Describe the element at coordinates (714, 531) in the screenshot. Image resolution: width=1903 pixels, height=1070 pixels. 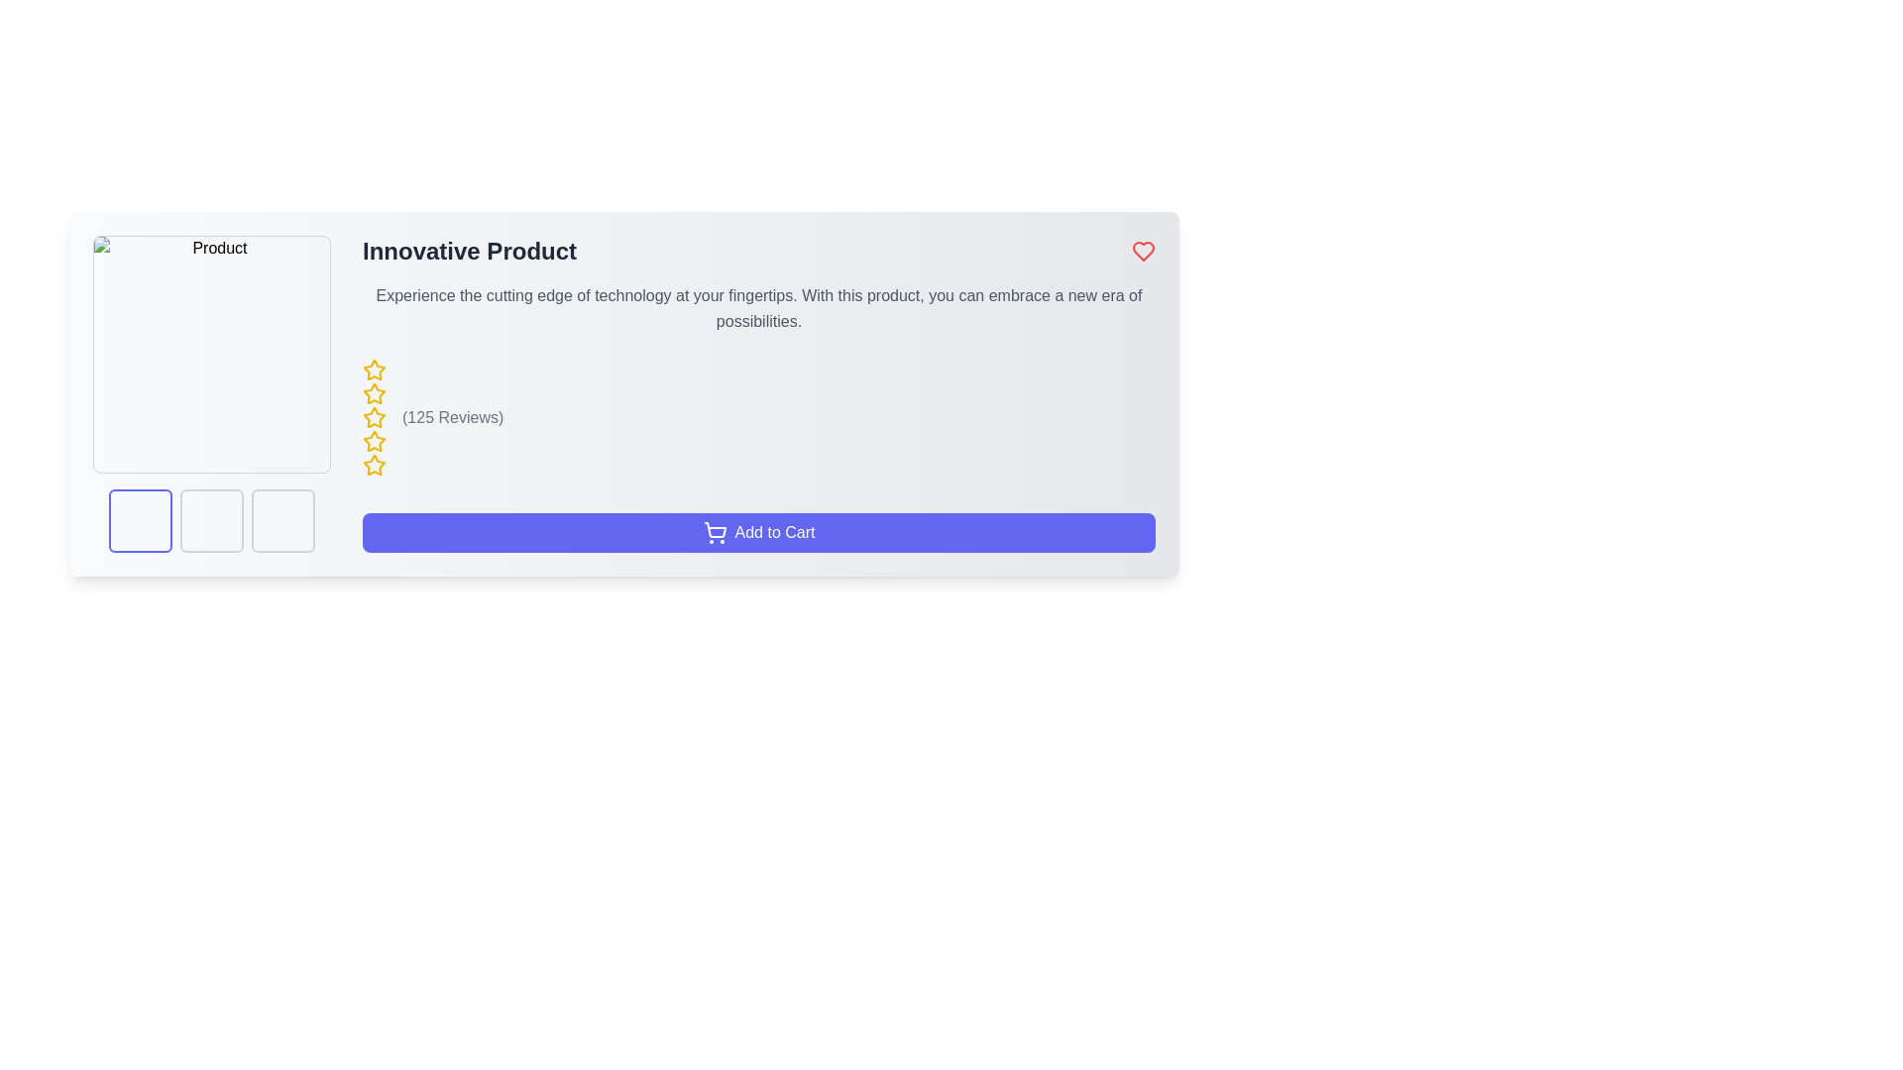
I see `the 'Add to Cart' button which contains a shopping cart icon on the left side, styled with a bold blue background and white text` at that location.